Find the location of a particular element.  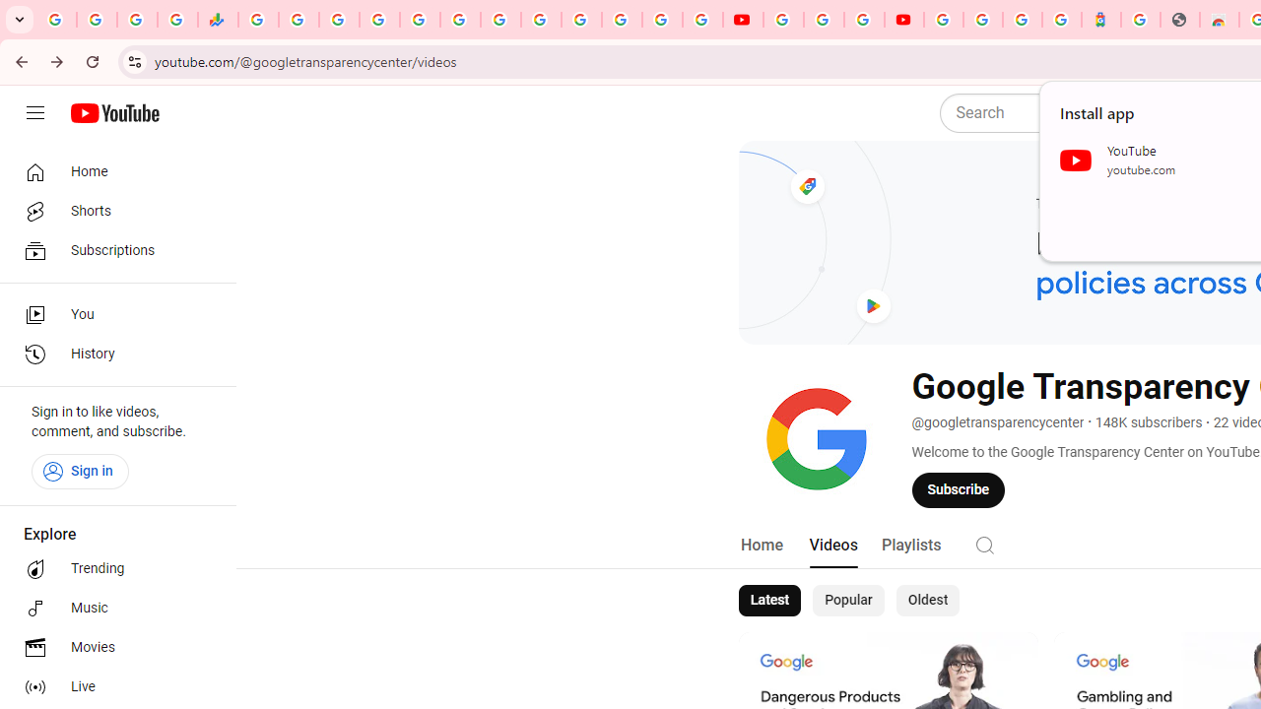

'Guide' is located at coordinates (34, 113).